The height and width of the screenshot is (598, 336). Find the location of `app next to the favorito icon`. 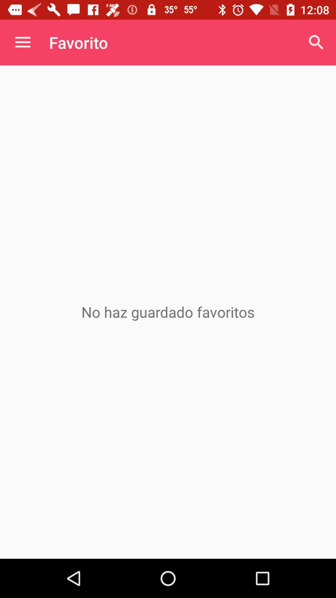

app next to the favorito icon is located at coordinates (316, 42).